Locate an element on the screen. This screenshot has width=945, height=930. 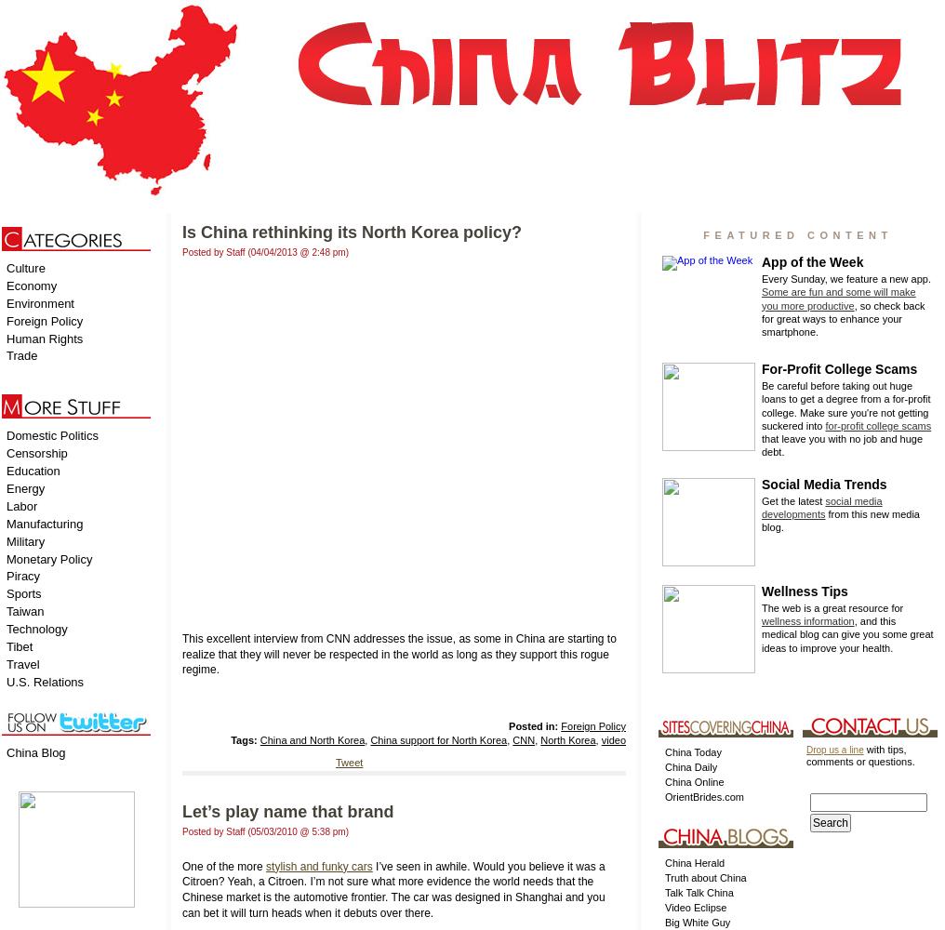
'Social Media Trends' is located at coordinates (823, 484).